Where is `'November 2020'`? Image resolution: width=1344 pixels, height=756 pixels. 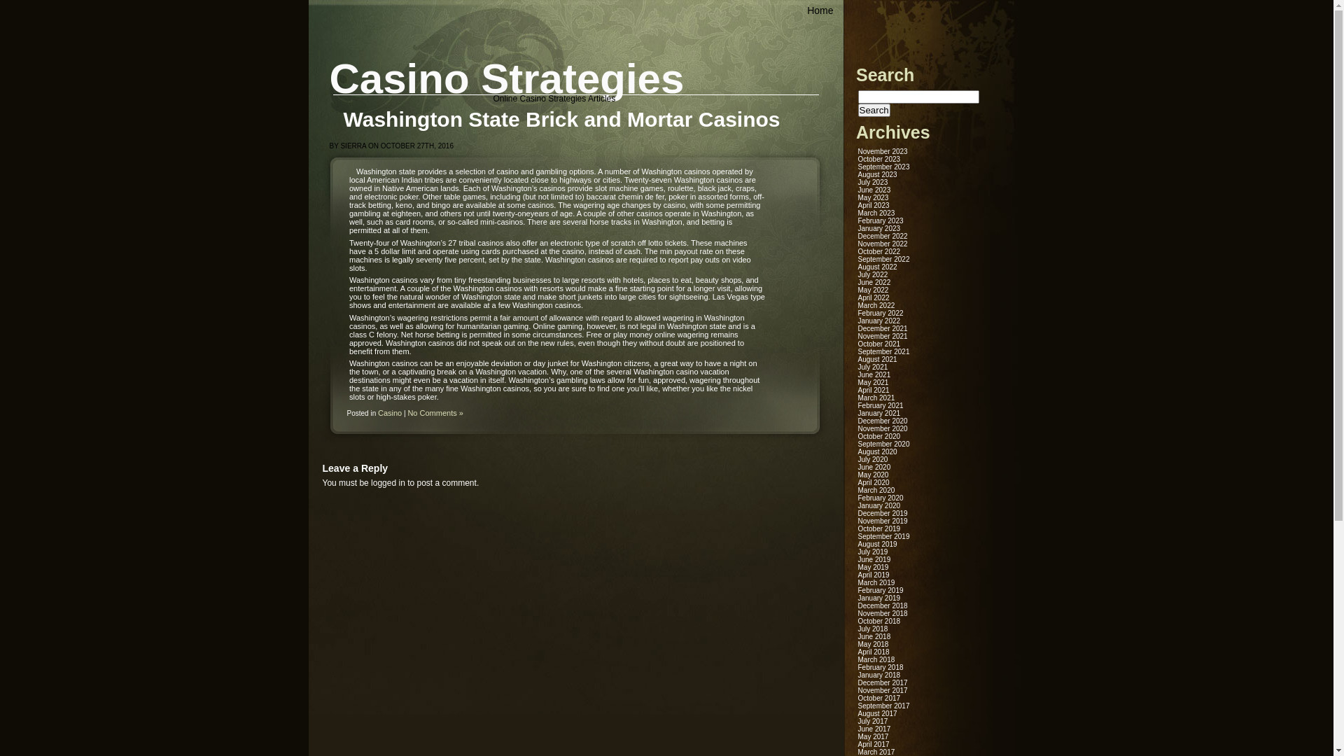 'November 2020' is located at coordinates (857, 428).